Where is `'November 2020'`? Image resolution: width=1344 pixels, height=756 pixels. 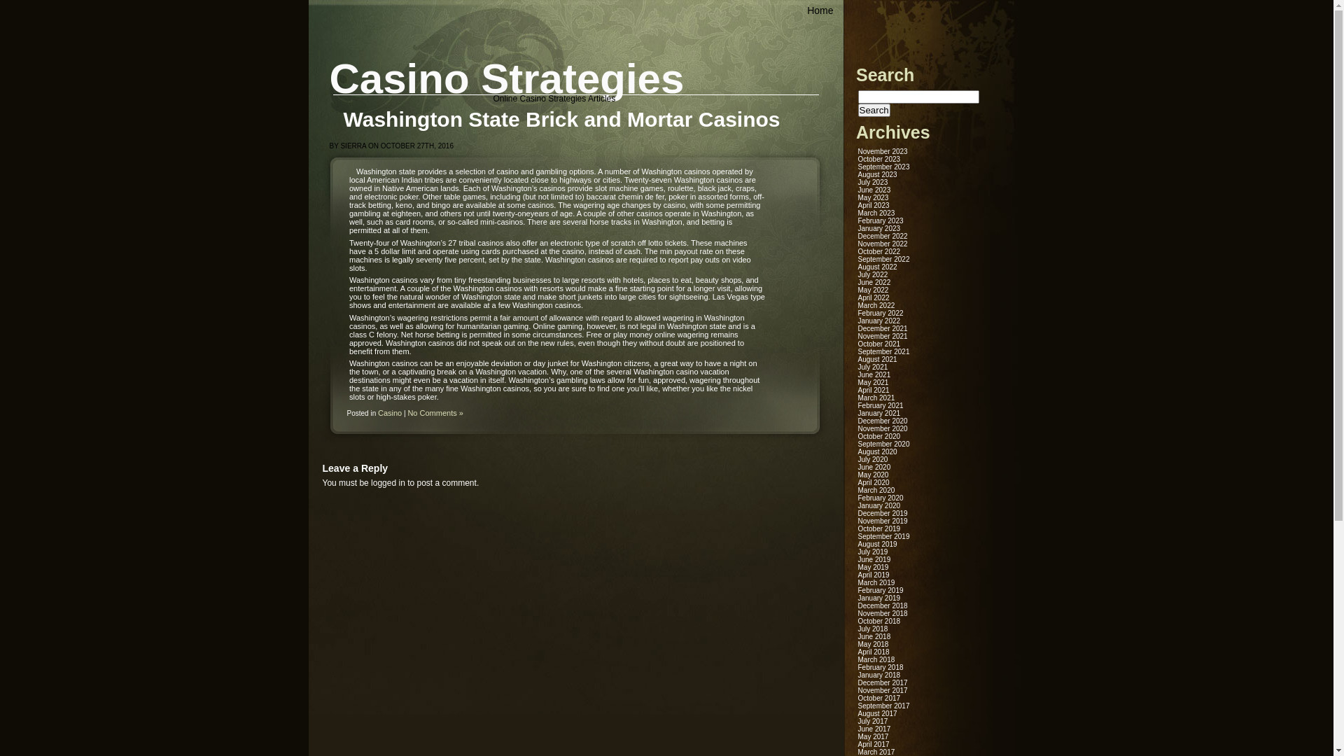 'November 2020' is located at coordinates (857, 428).